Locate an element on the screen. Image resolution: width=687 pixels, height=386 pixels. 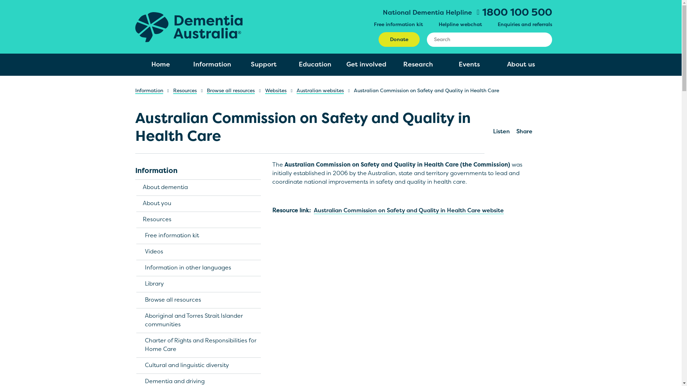
'Search' is located at coordinates (540, 39).